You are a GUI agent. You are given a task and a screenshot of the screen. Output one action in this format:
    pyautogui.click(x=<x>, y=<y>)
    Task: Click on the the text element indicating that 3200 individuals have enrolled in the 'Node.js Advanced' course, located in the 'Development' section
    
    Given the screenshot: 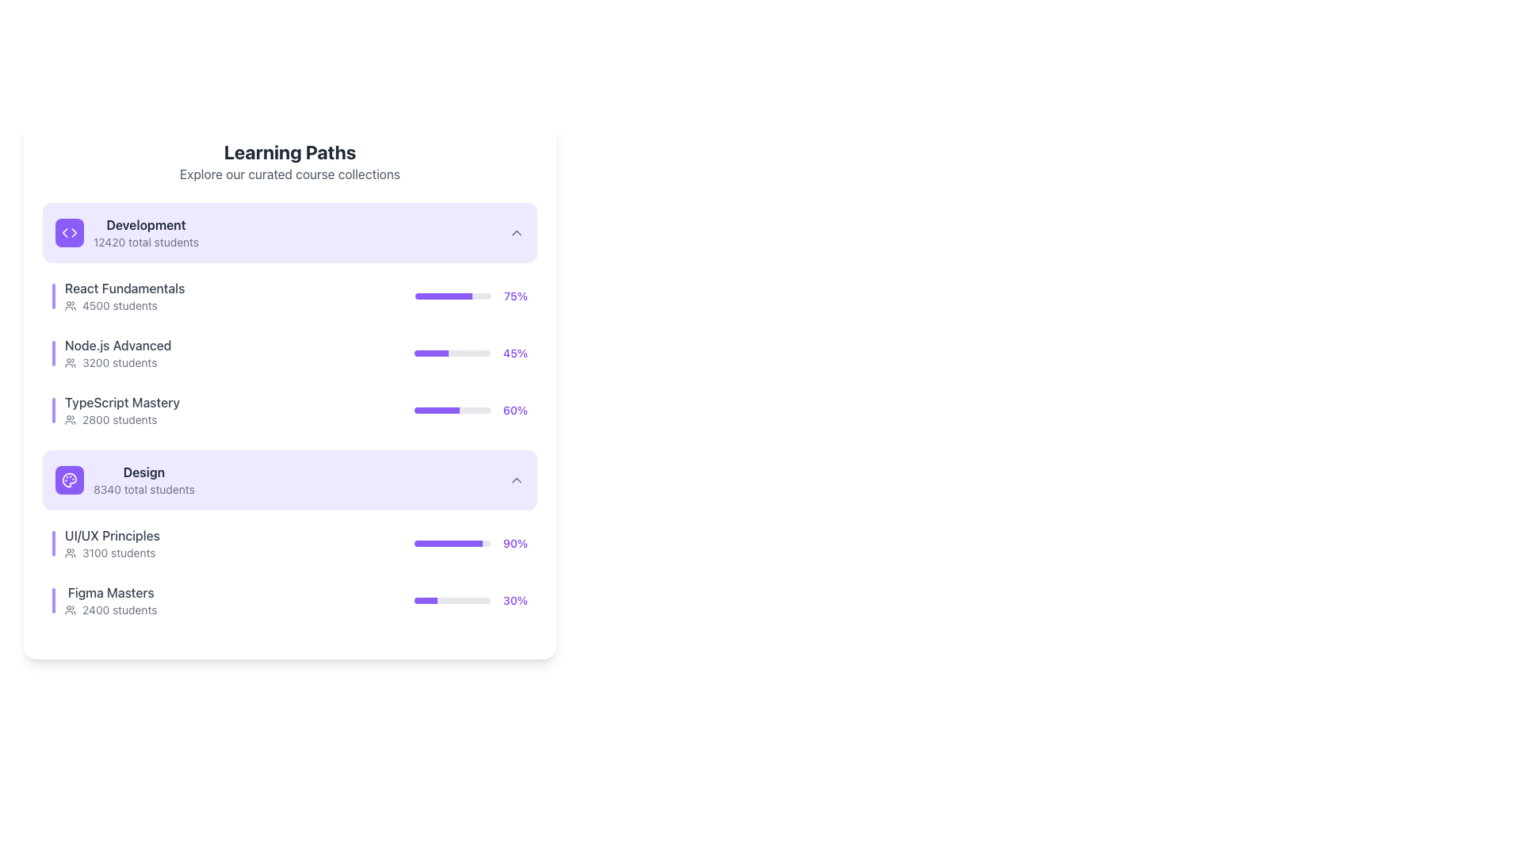 What is the action you would take?
    pyautogui.click(x=117, y=363)
    